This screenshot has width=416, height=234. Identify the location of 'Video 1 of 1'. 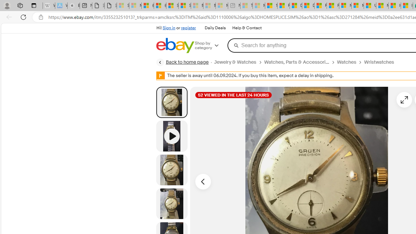
(172, 136).